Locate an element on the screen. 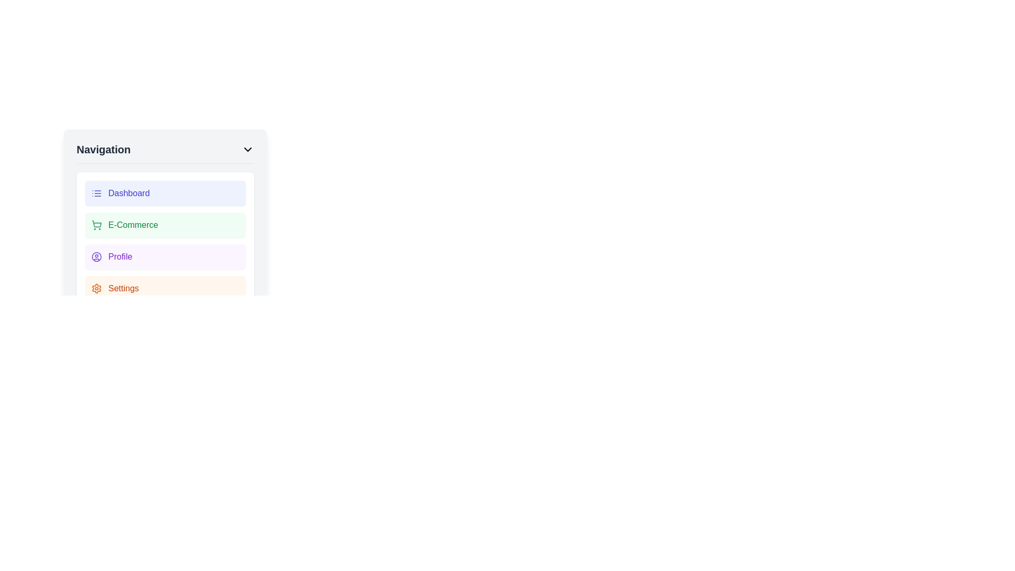 The image size is (1015, 571). the third menu item in the vertical navigation list that allows users is located at coordinates (164, 257).